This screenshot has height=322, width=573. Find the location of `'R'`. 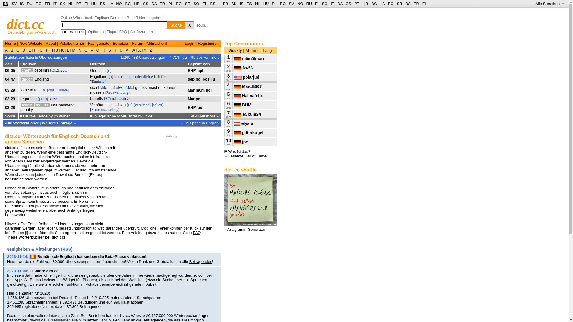

'R' is located at coordinates (104, 50).